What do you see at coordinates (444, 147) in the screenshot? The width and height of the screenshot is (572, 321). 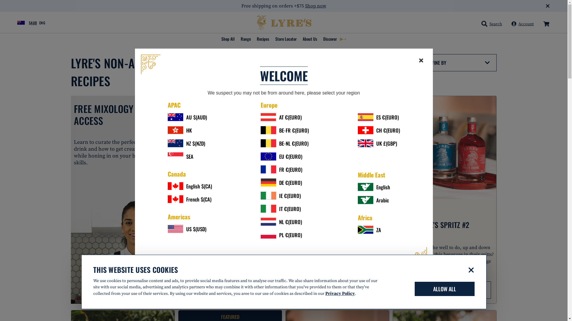 I see `'Lyre's Spritz #2'` at bounding box center [444, 147].